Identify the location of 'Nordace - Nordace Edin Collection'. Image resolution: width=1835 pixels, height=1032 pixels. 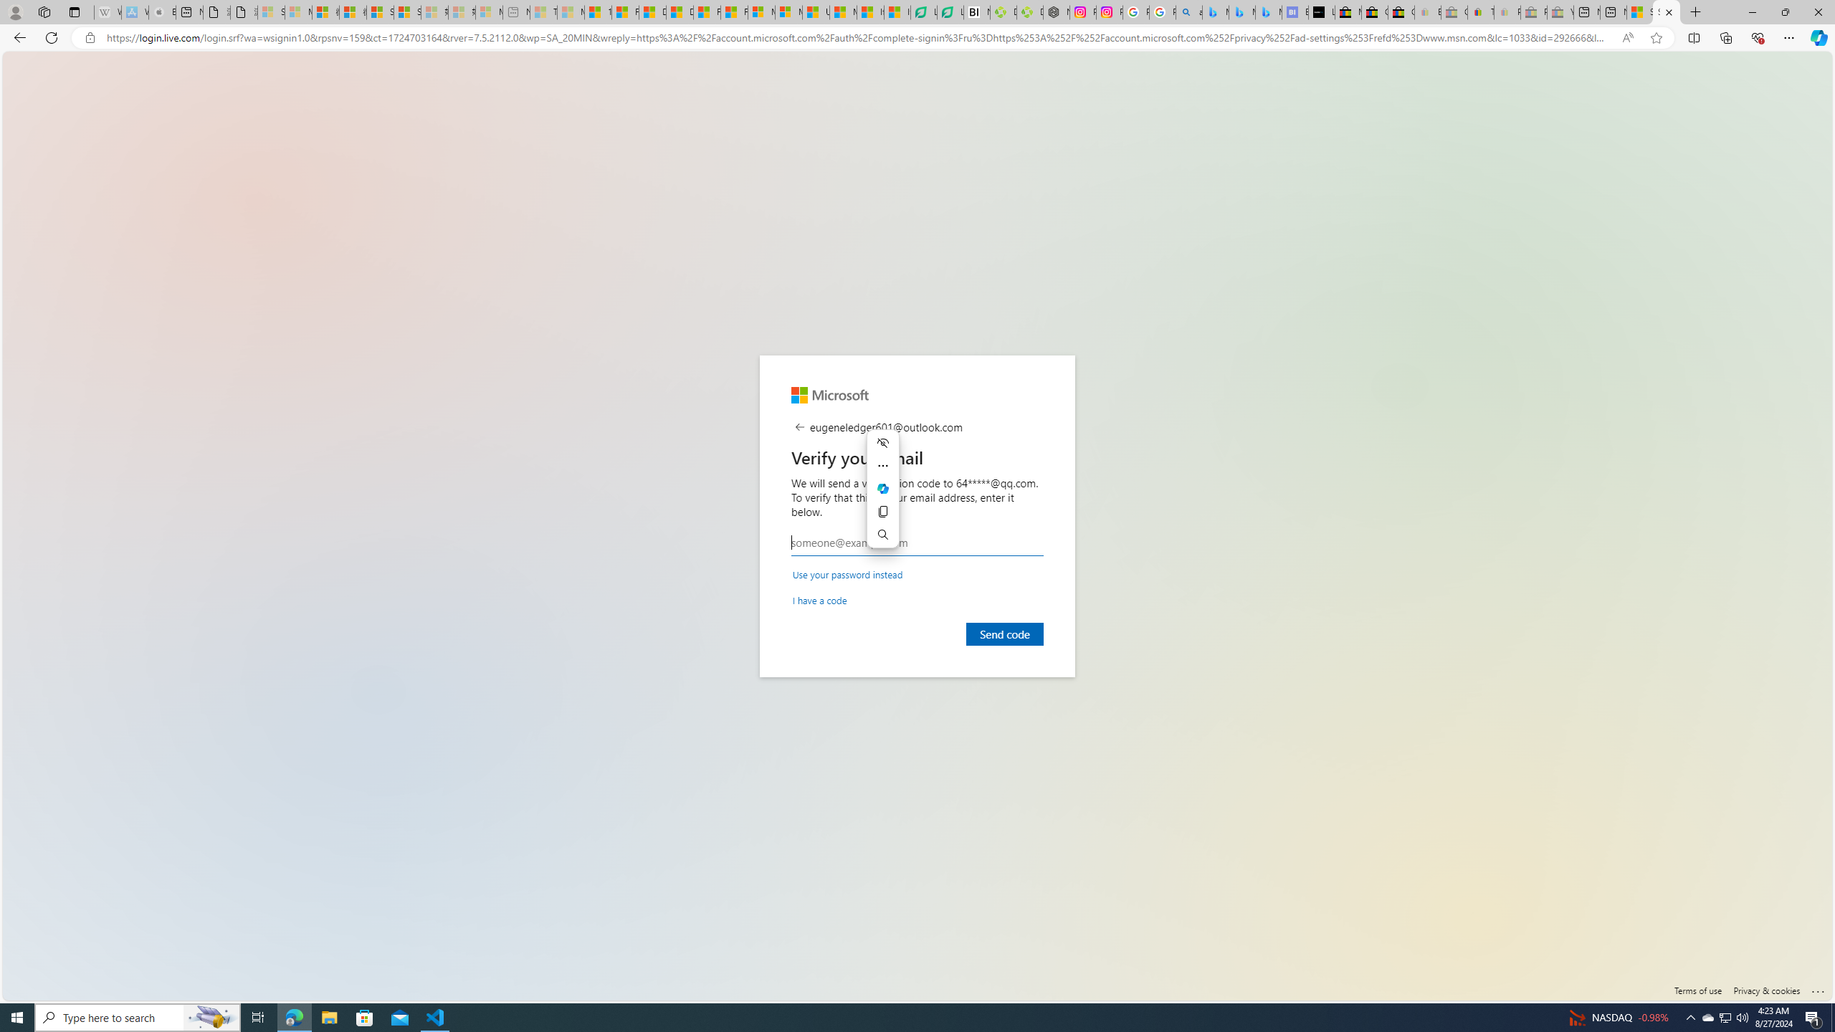
(1055, 11).